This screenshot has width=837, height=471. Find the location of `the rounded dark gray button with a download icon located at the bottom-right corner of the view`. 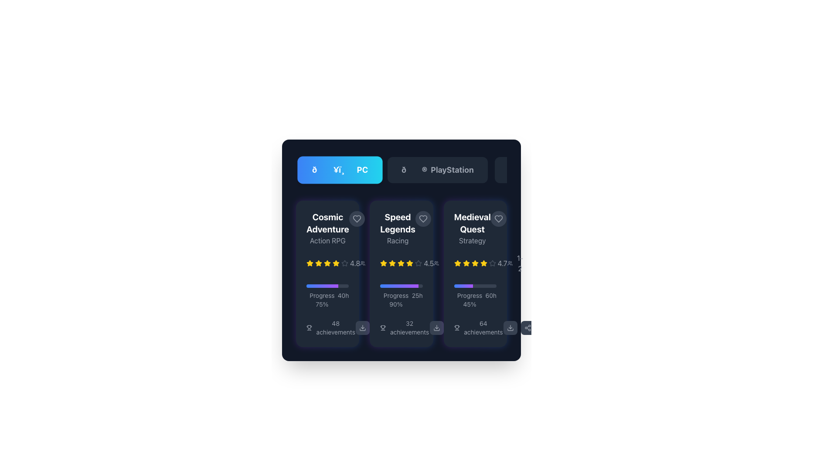

the rounded dark gray button with a download icon located at the bottom-right corner of the view is located at coordinates (510, 328).